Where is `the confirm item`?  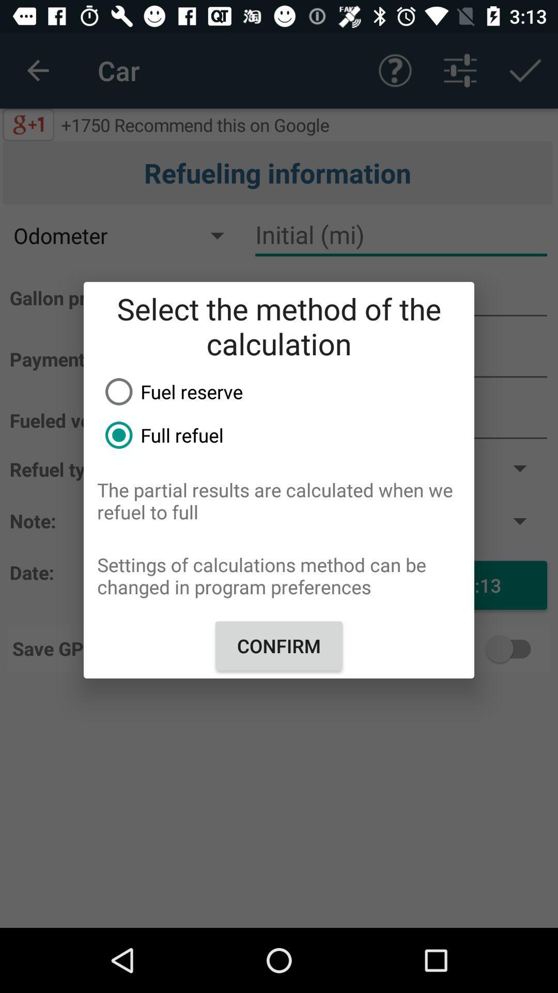 the confirm item is located at coordinates (279, 645).